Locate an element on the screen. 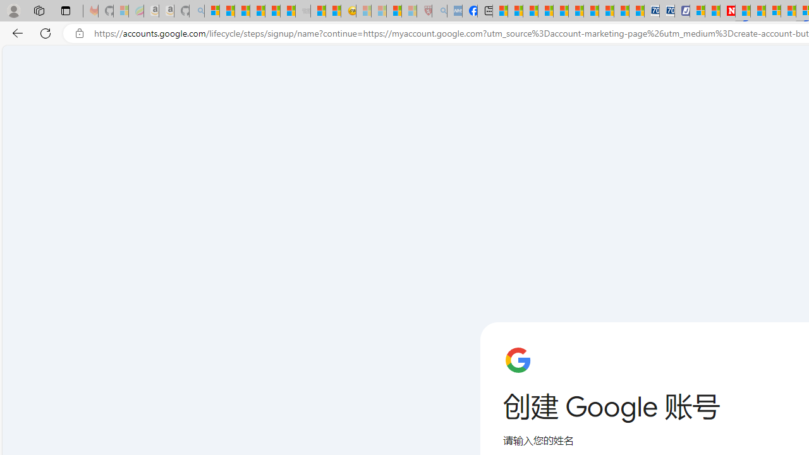  'Climate Damage Becomes Too Severe To Reverse' is located at coordinates (546, 11).